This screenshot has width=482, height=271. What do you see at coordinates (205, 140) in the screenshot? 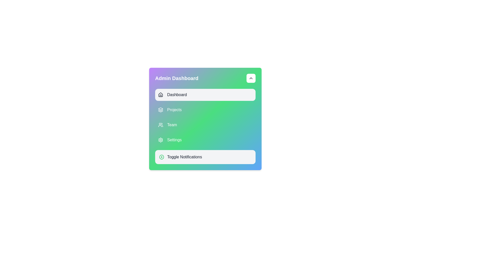
I see `the 'Settings' button located in the sidebar menu, which is the fourth line item in the vertical list` at bounding box center [205, 140].